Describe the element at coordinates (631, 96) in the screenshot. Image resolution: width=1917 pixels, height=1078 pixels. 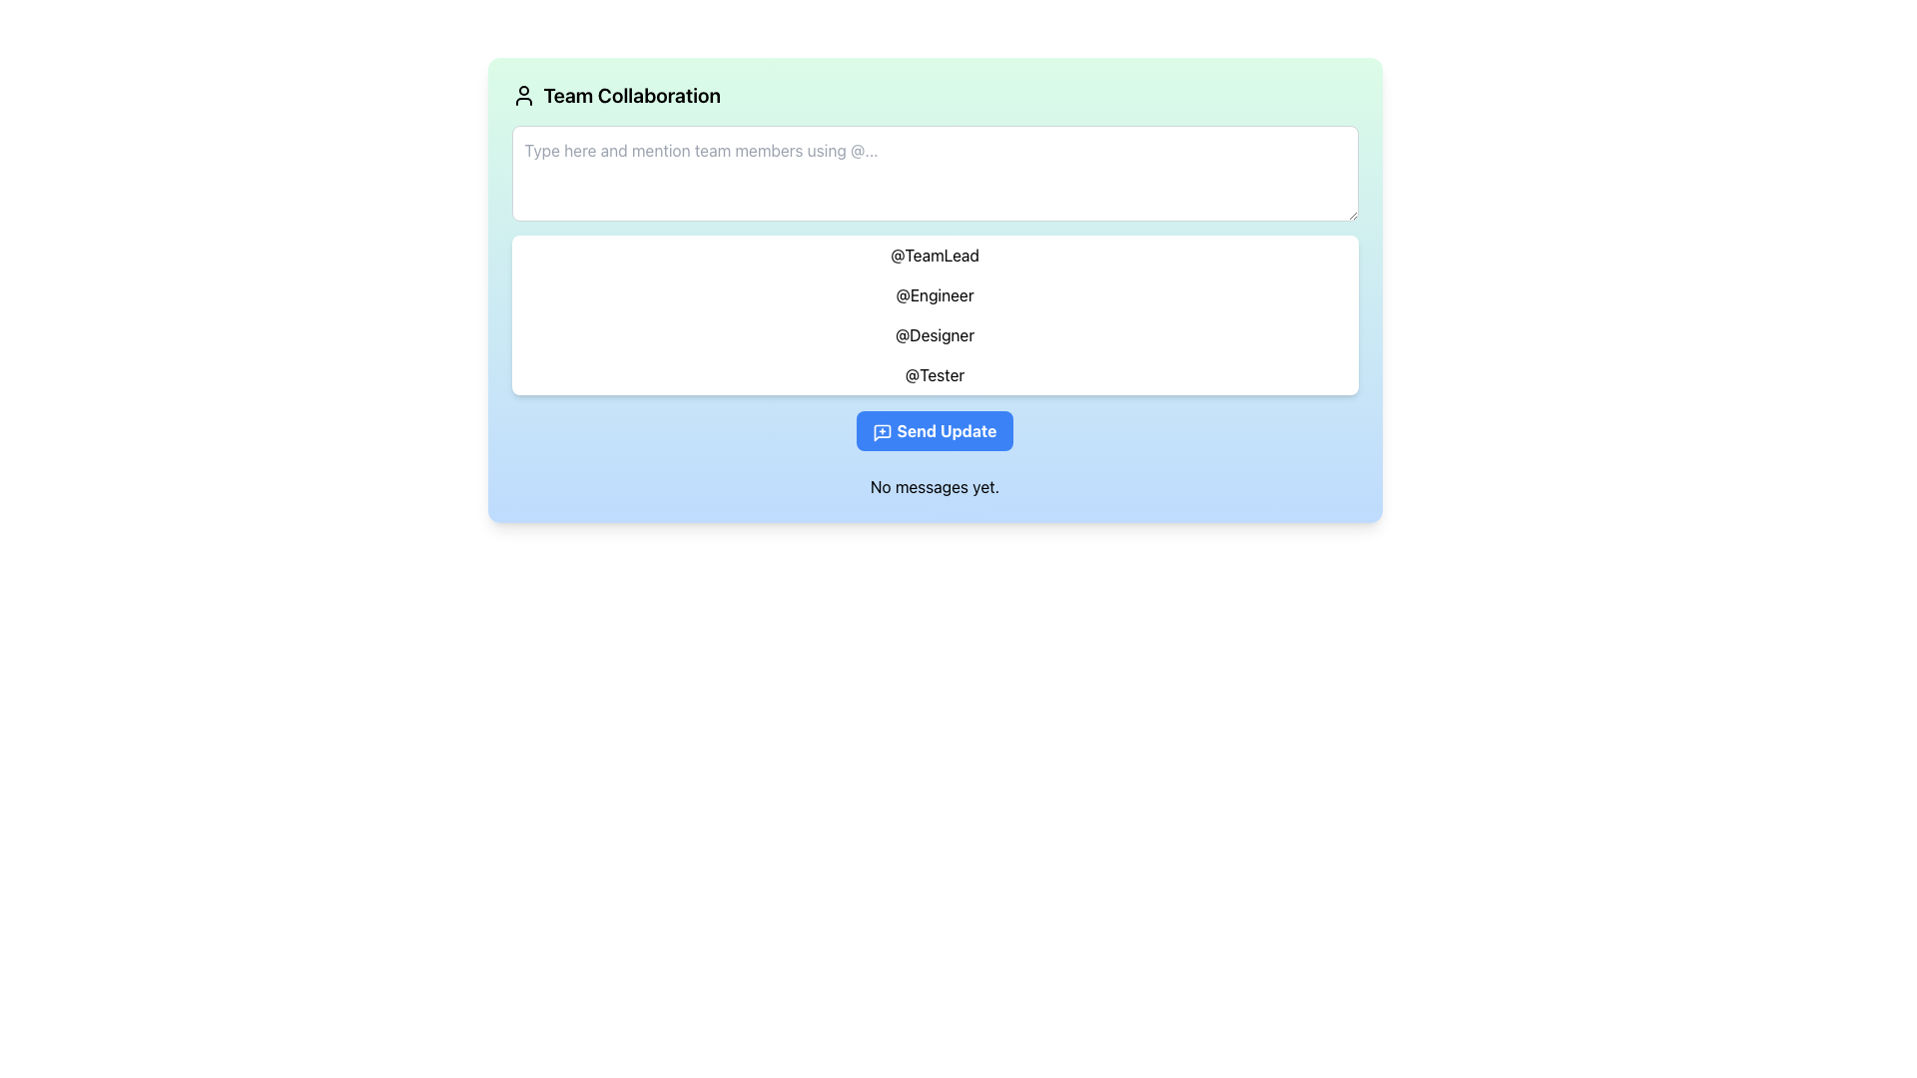
I see `the 'Team Collaboration' text label, which is a prominent heading in bold font located at the top-left region of the card-like component, aligned with a user silhouette icon` at that location.